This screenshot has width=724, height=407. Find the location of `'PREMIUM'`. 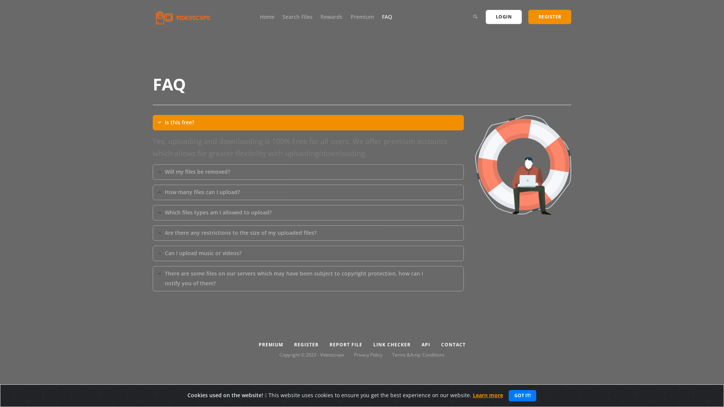

'PREMIUM' is located at coordinates (271, 344).